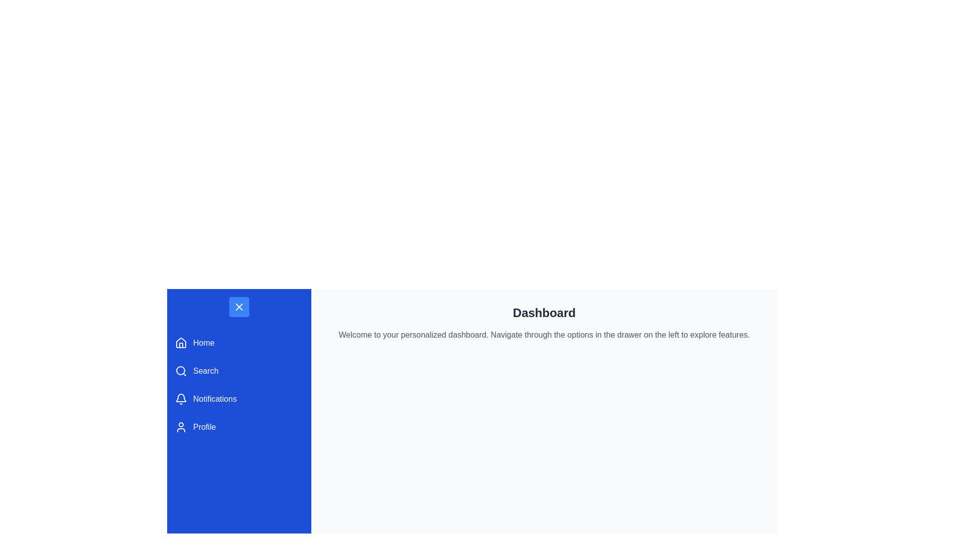  What do you see at coordinates (181, 371) in the screenshot?
I see `the magnifying glass icon located in the left-side menu panel to the immediate left of the text 'Search' to initiate the search function` at bounding box center [181, 371].